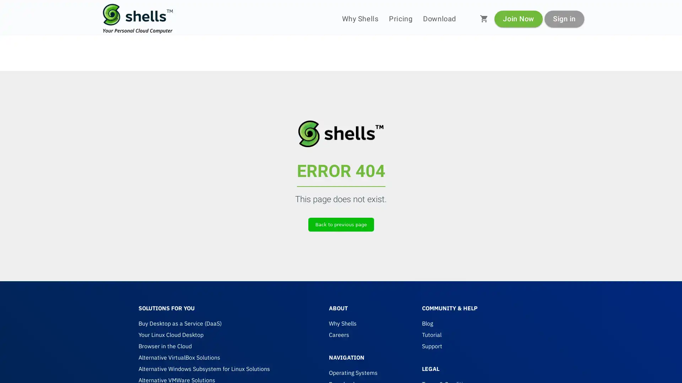  Describe the element at coordinates (340, 224) in the screenshot. I see `Back to previous page` at that location.